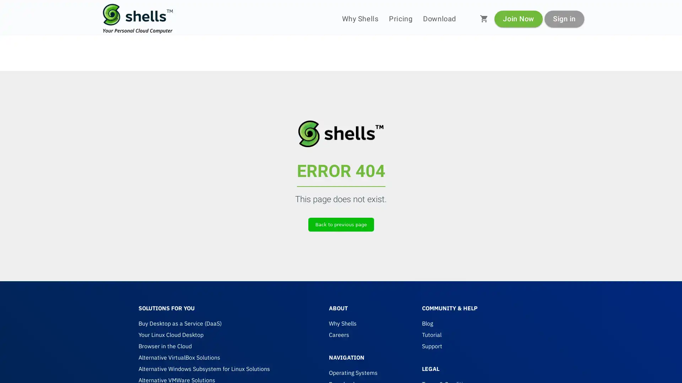  Describe the element at coordinates (340, 224) in the screenshot. I see `Back to previous page` at that location.